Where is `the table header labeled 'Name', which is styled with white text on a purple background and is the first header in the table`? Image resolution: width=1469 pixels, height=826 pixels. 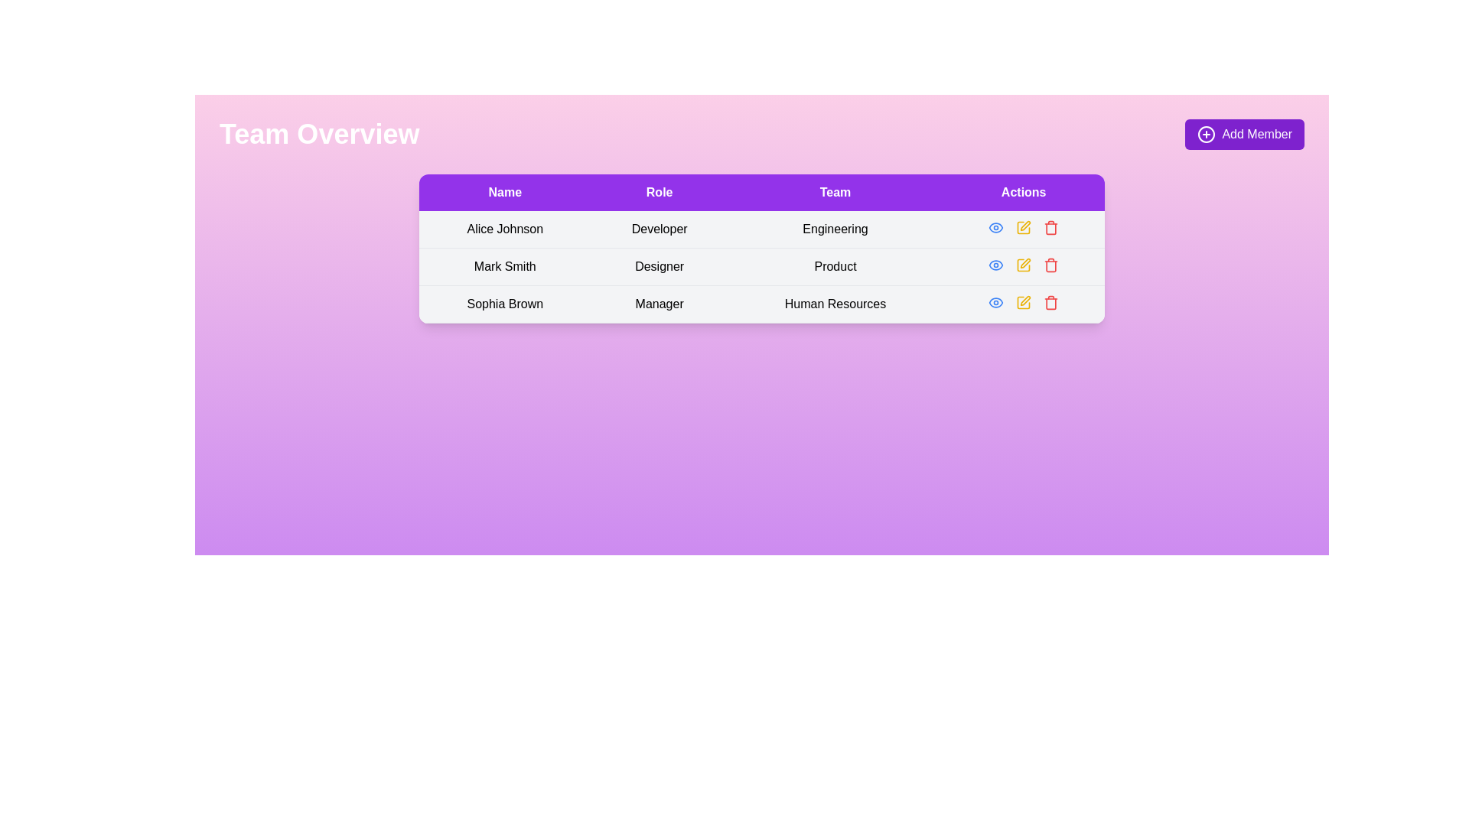
the table header labeled 'Name', which is styled with white text on a purple background and is the first header in the table is located at coordinates (505, 191).